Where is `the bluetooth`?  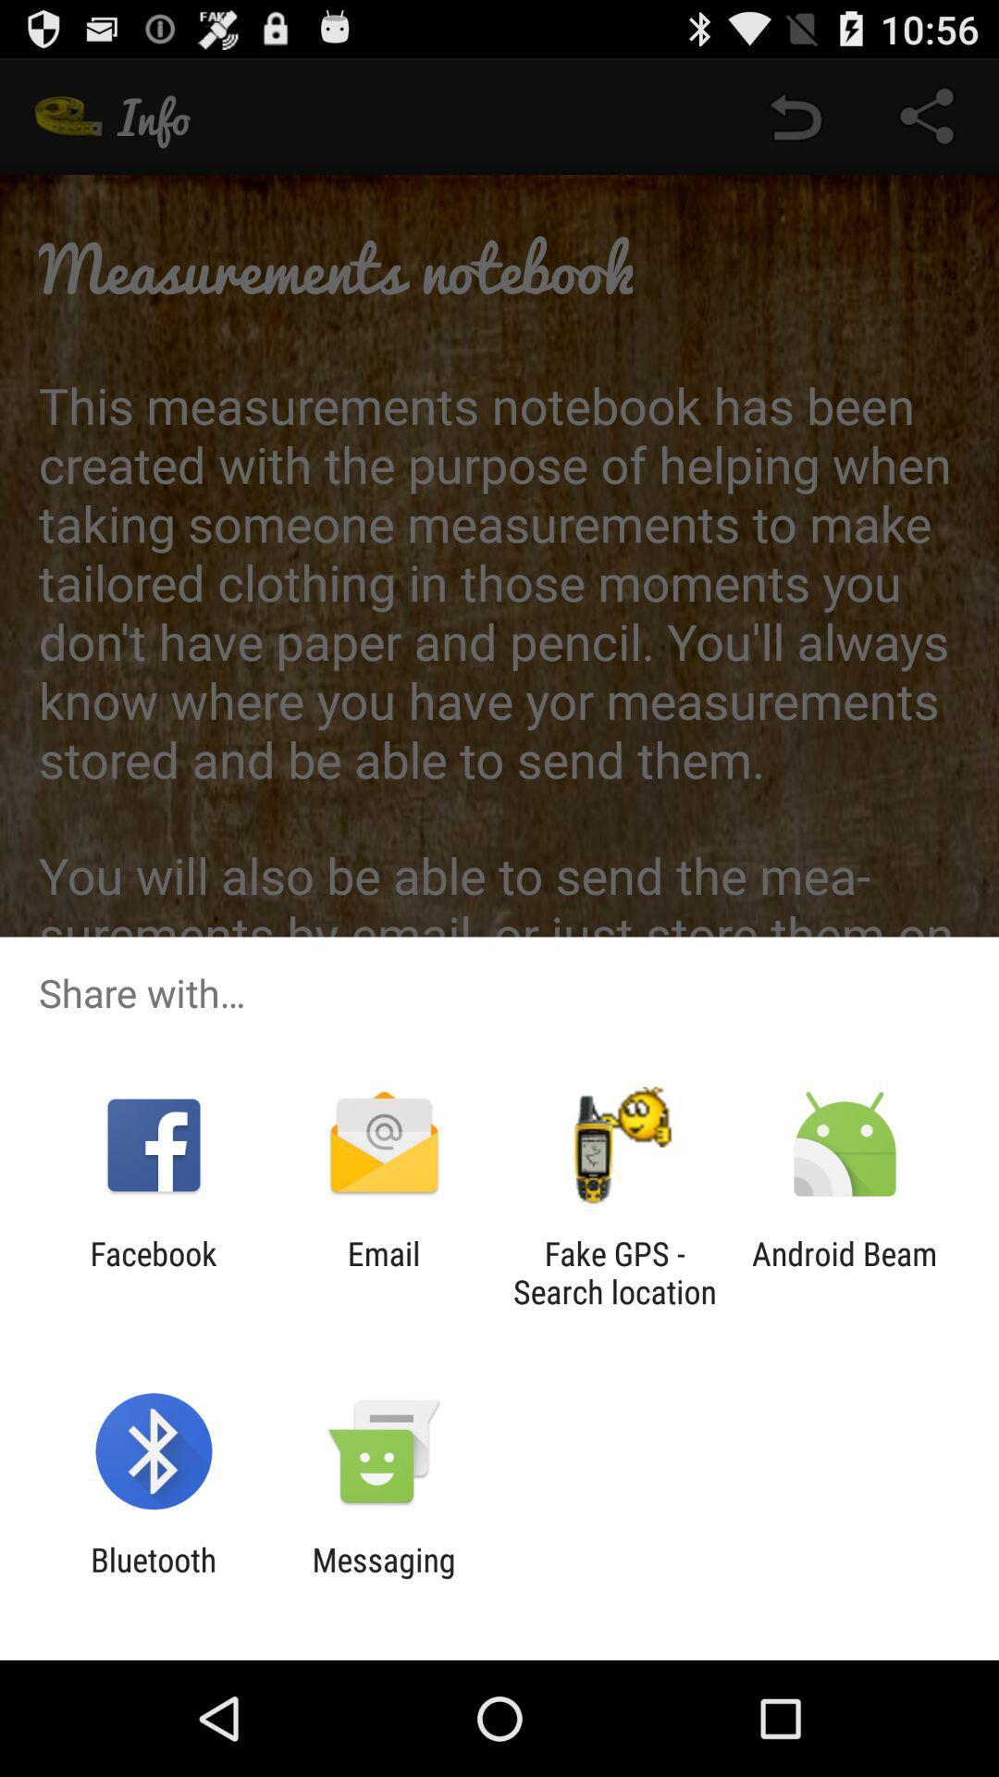
the bluetooth is located at coordinates (153, 1578).